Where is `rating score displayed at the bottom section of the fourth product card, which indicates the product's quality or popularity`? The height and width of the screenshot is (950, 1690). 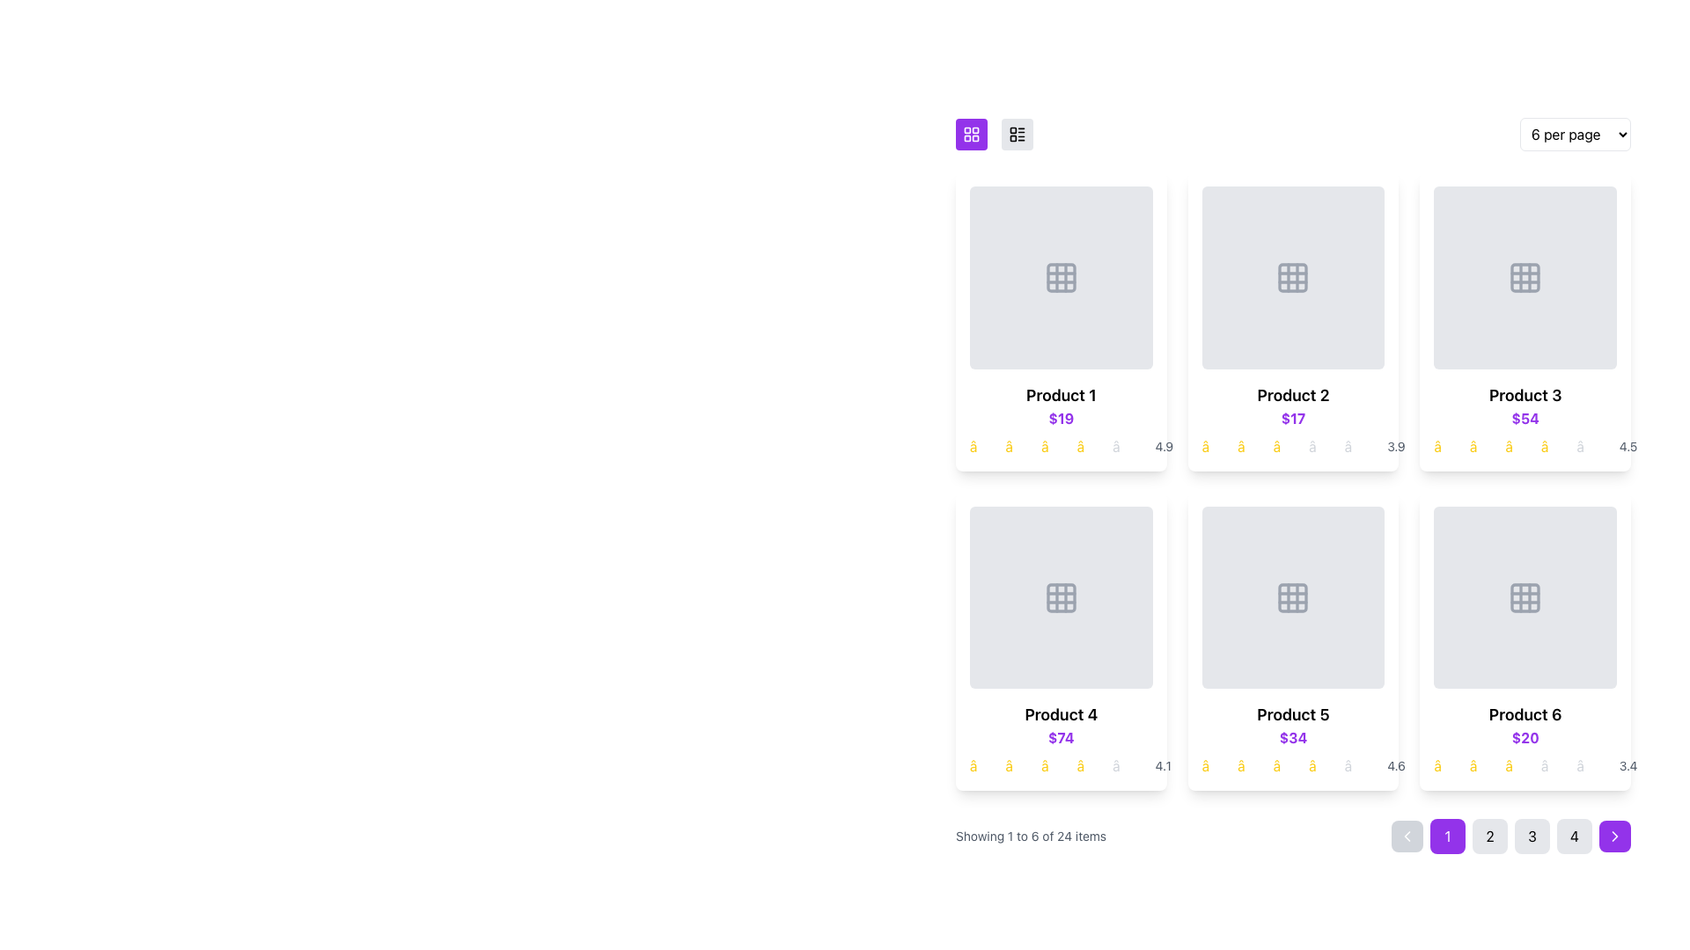
rating score displayed at the bottom section of the fourth product card, which indicates the product's quality or popularity is located at coordinates (1163, 765).